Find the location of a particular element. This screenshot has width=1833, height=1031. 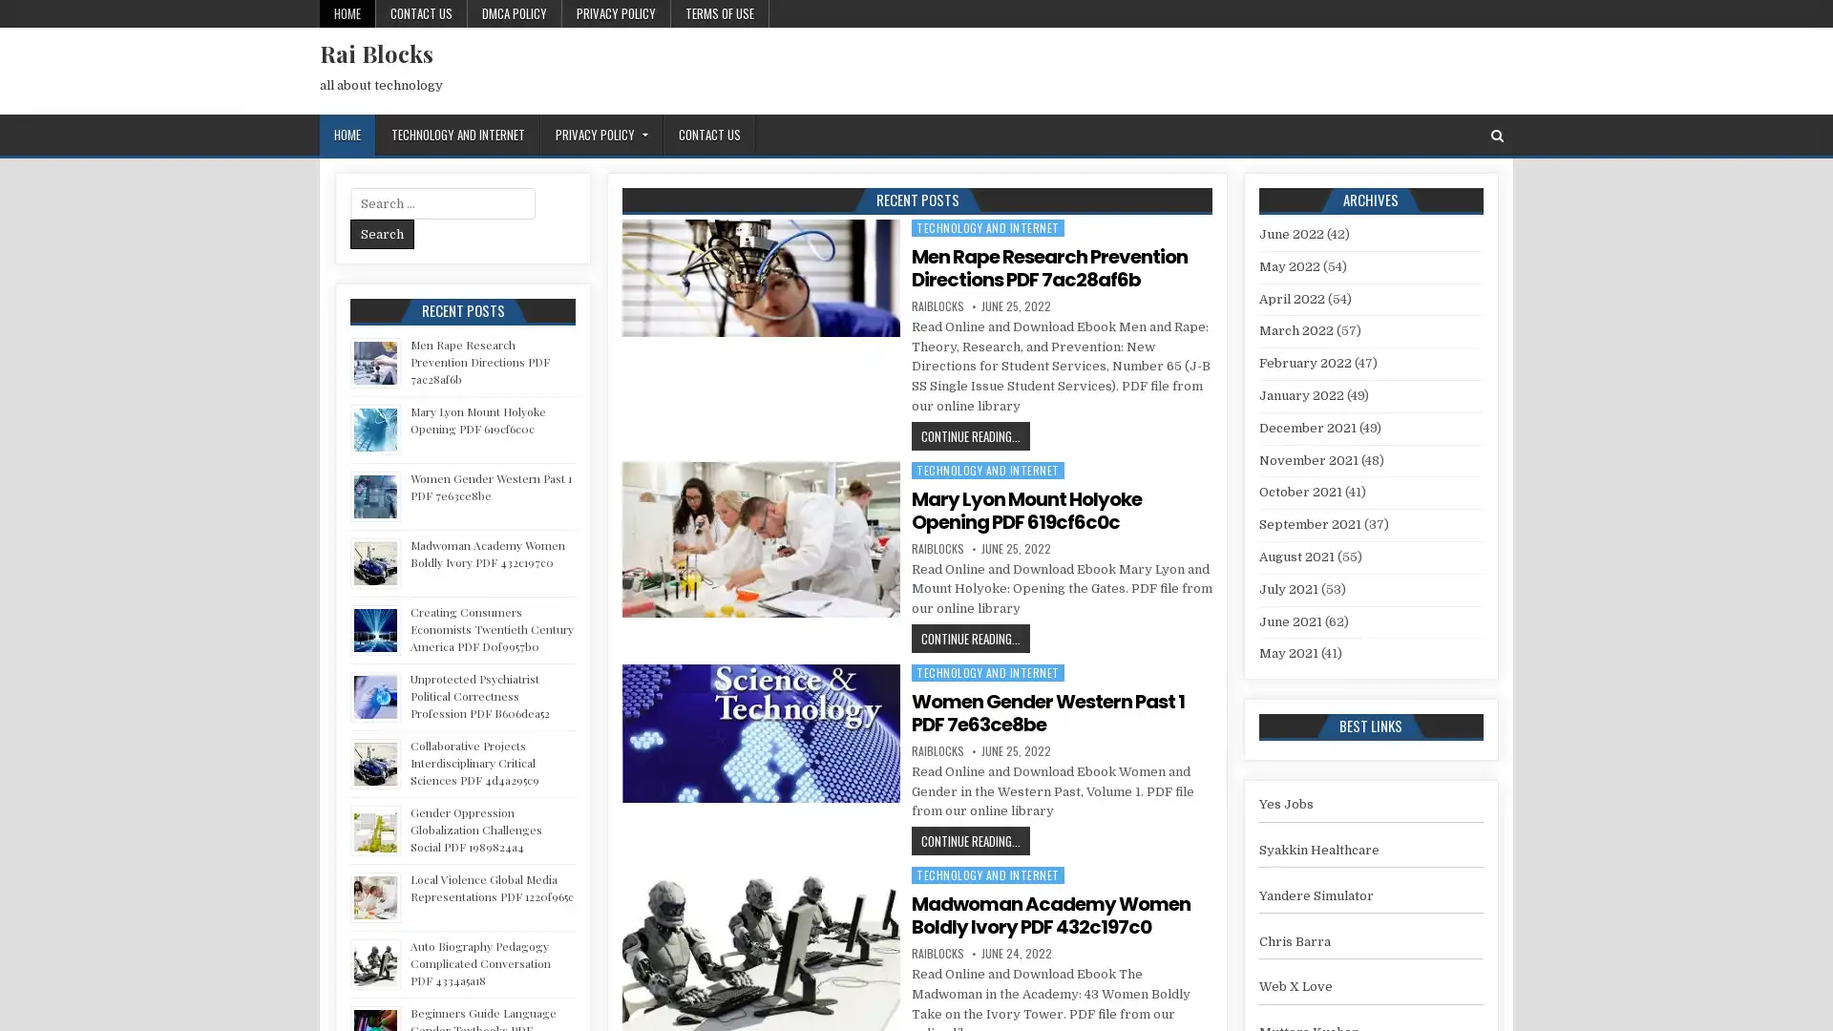

Search is located at coordinates (382, 233).